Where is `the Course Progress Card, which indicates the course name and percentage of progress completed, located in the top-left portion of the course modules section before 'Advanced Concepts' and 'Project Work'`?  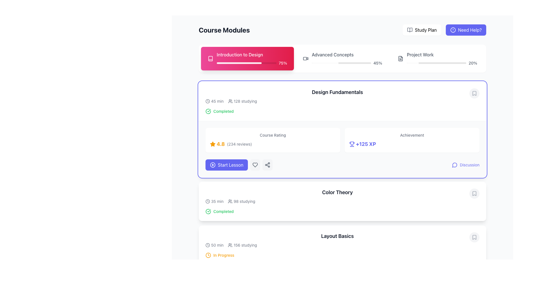 the Course Progress Card, which indicates the course name and percentage of progress completed, located in the top-left portion of the course modules section before 'Advanced Concepts' and 'Project Work' is located at coordinates (252, 58).